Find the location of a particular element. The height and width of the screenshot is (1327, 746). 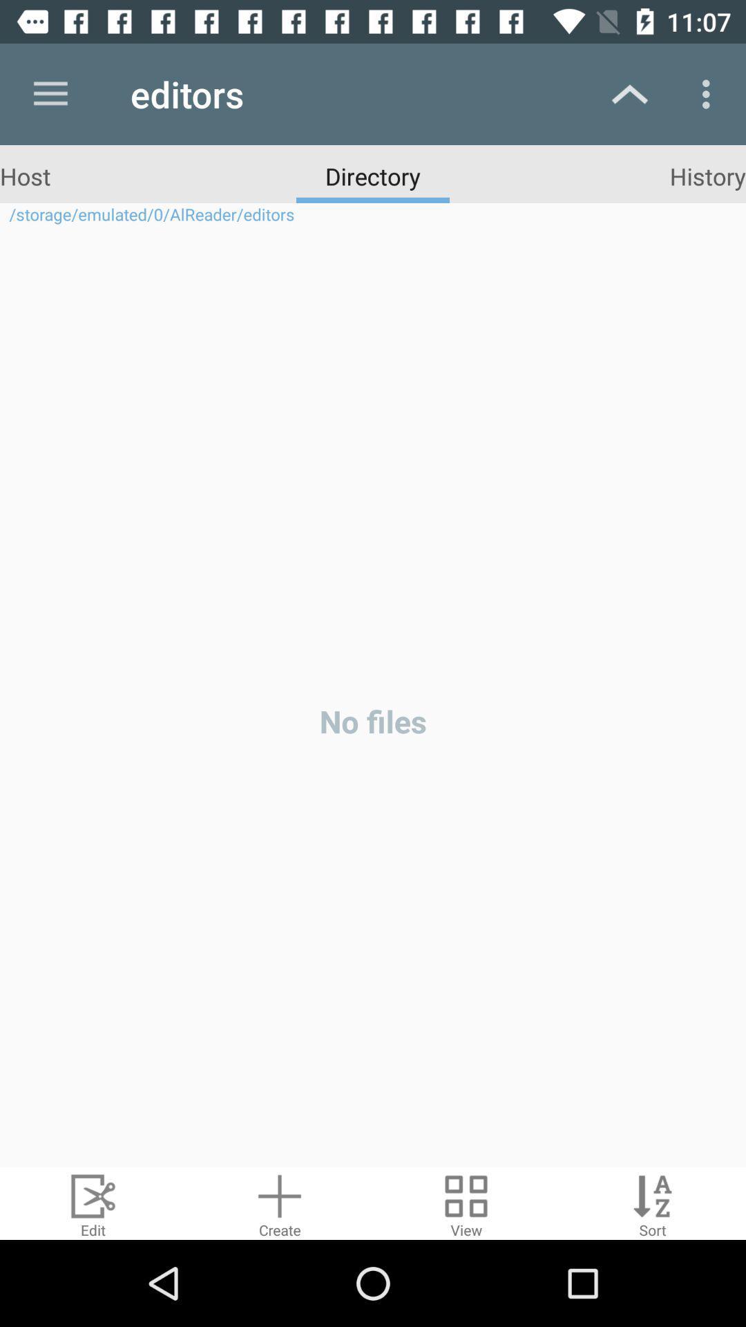

the icon to the left of the editors icon is located at coordinates (50, 93).